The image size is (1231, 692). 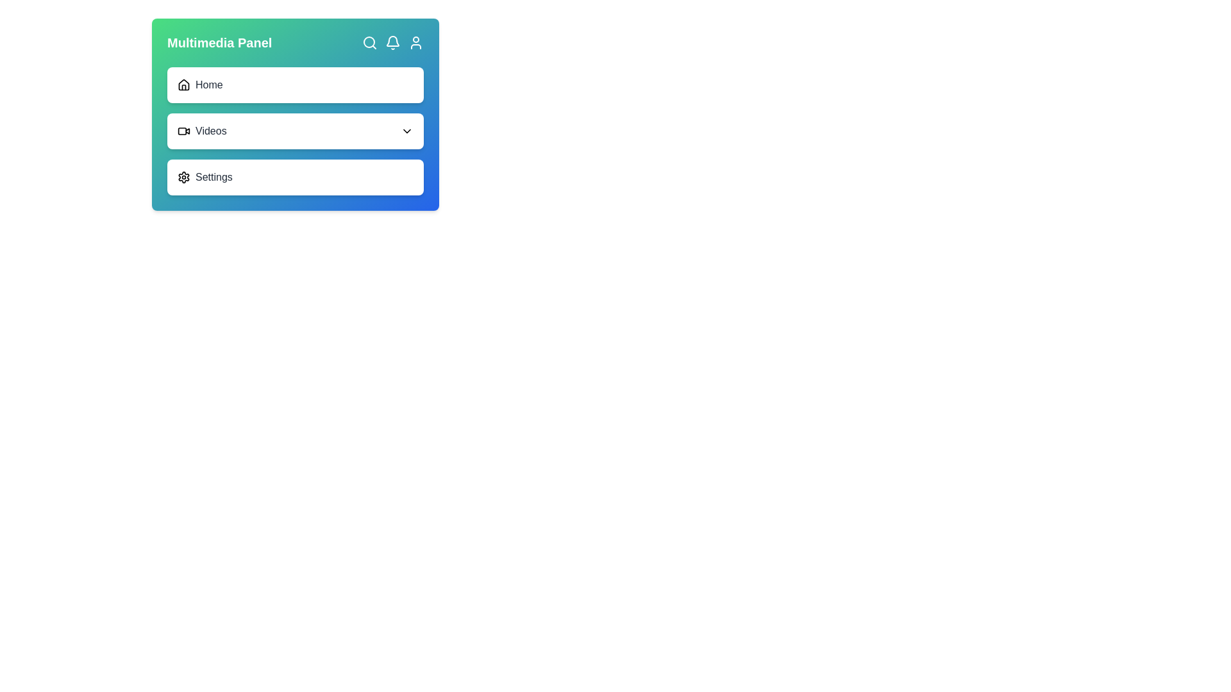 What do you see at coordinates (201, 131) in the screenshot?
I see `the 'Videos' label with icon, which is the second item in the vertical menu panel located beneath 'Home' and above 'Settings'` at bounding box center [201, 131].